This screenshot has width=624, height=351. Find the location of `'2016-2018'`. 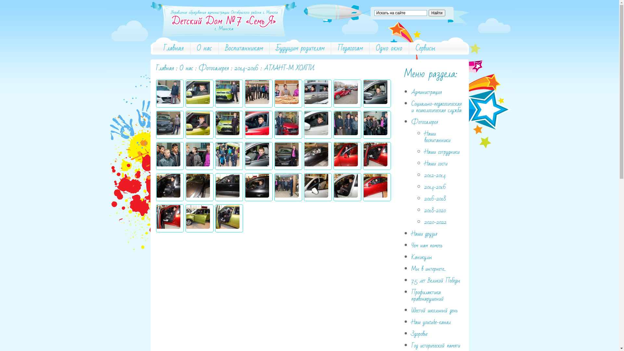

'2016-2018' is located at coordinates (424, 198).